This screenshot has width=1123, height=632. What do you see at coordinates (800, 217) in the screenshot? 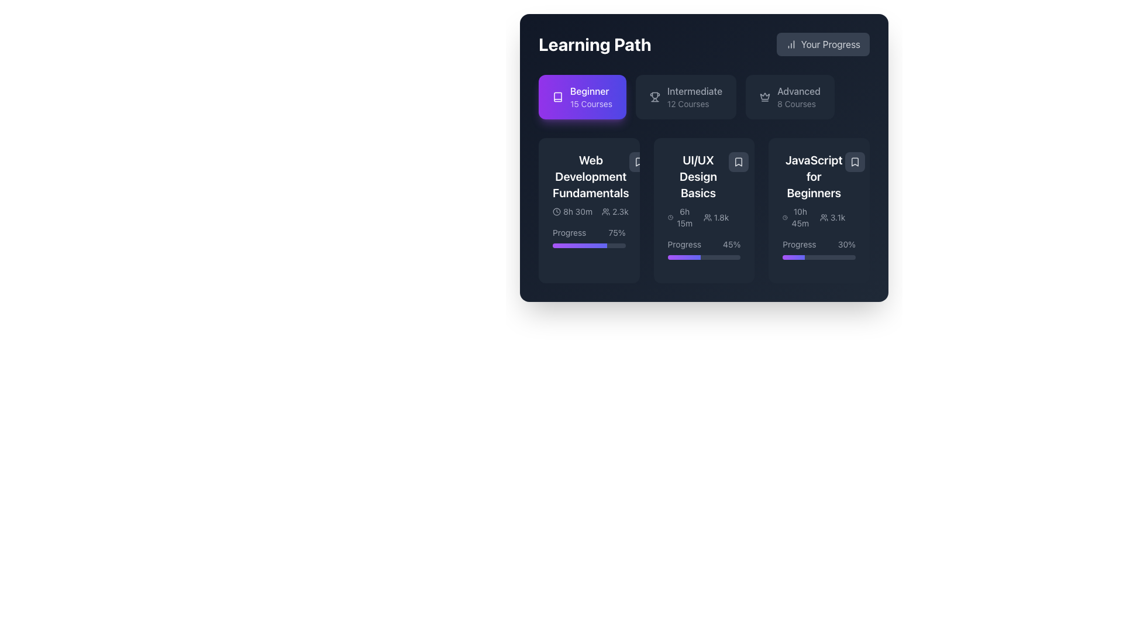
I see `text label displaying '10h 45m', which is light gray and positioned to the right of a clock icon within the 'JavaScript for Beginners' card` at bounding box center [800, 217].